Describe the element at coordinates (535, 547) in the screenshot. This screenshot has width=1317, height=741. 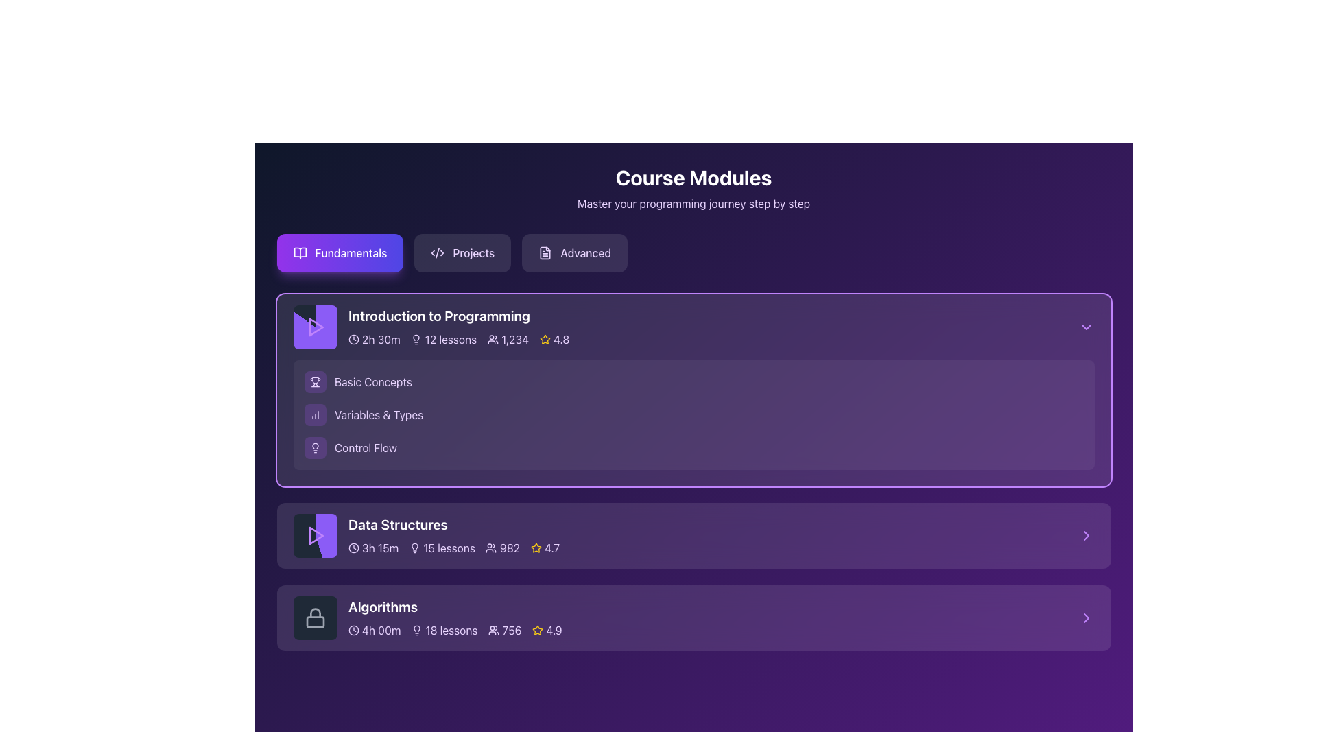
I see `the yellow outlined star-shaped rating icon located in the 'Data Structures' section` at that location.